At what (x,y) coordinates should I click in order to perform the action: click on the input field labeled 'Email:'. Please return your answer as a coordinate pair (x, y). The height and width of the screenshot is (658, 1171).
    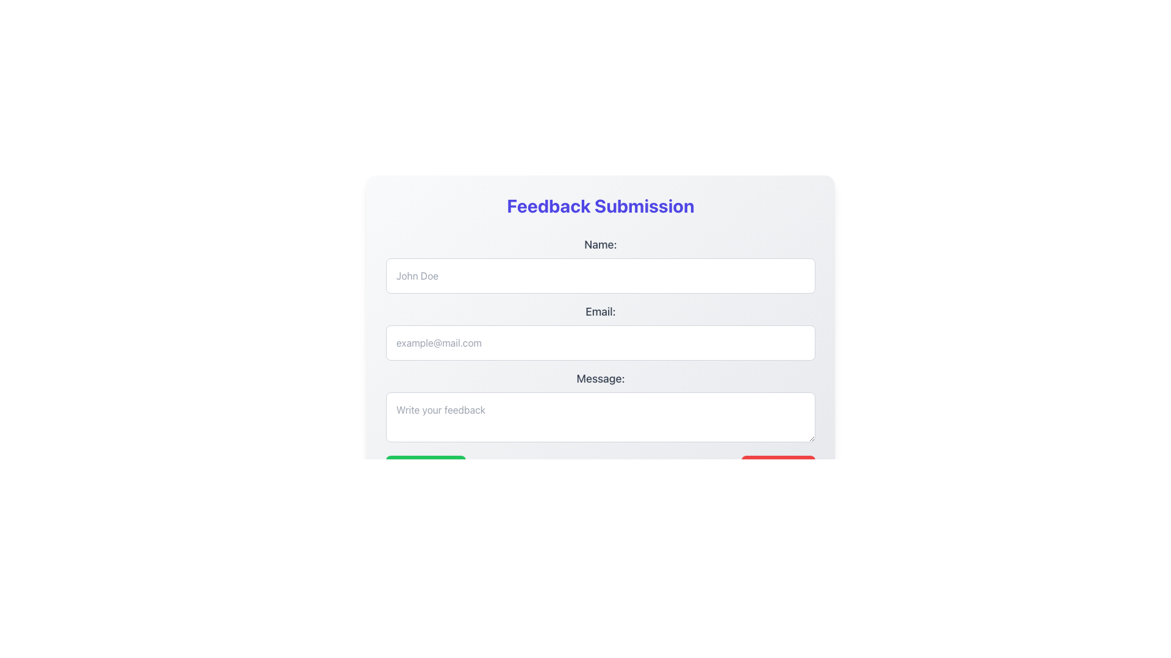
    Looking at the image, I should click on (600, 331).